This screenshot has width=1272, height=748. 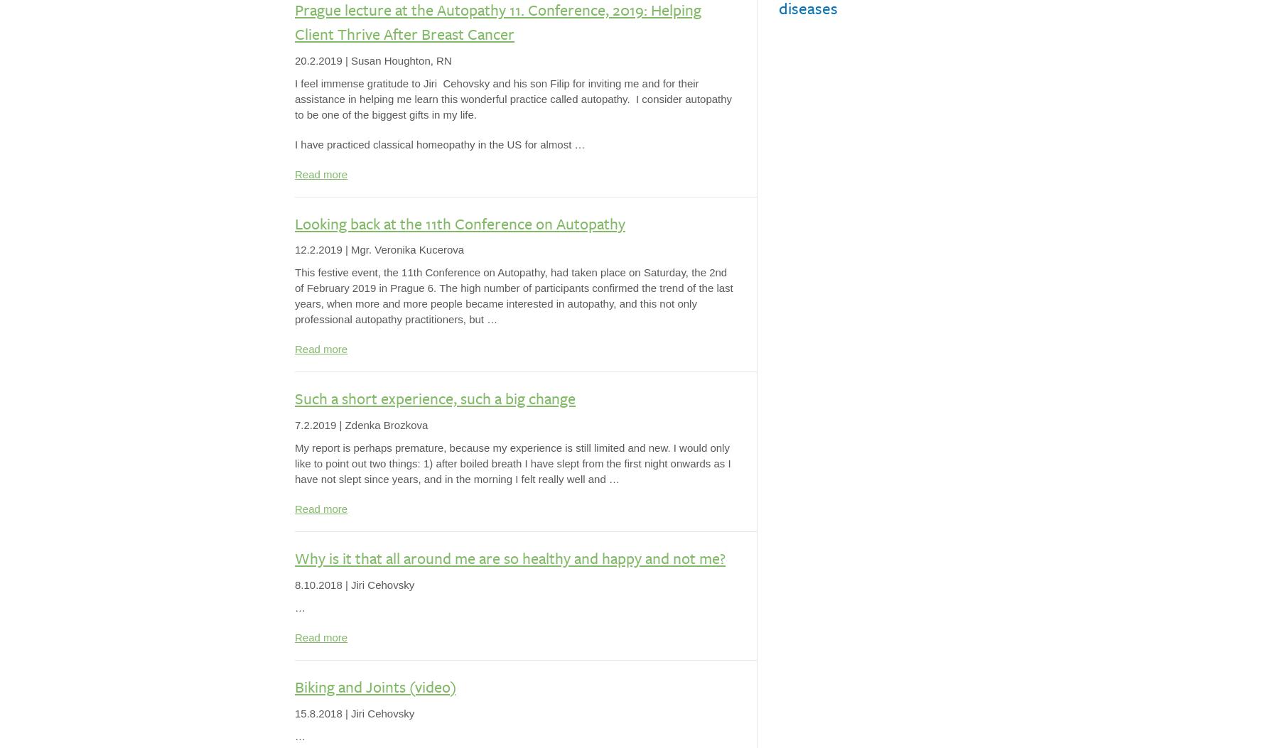 What do you see at coordinates (294, 583) in the screenshot?
I see `'8.10.2018'` at bounding box center [294, 583].